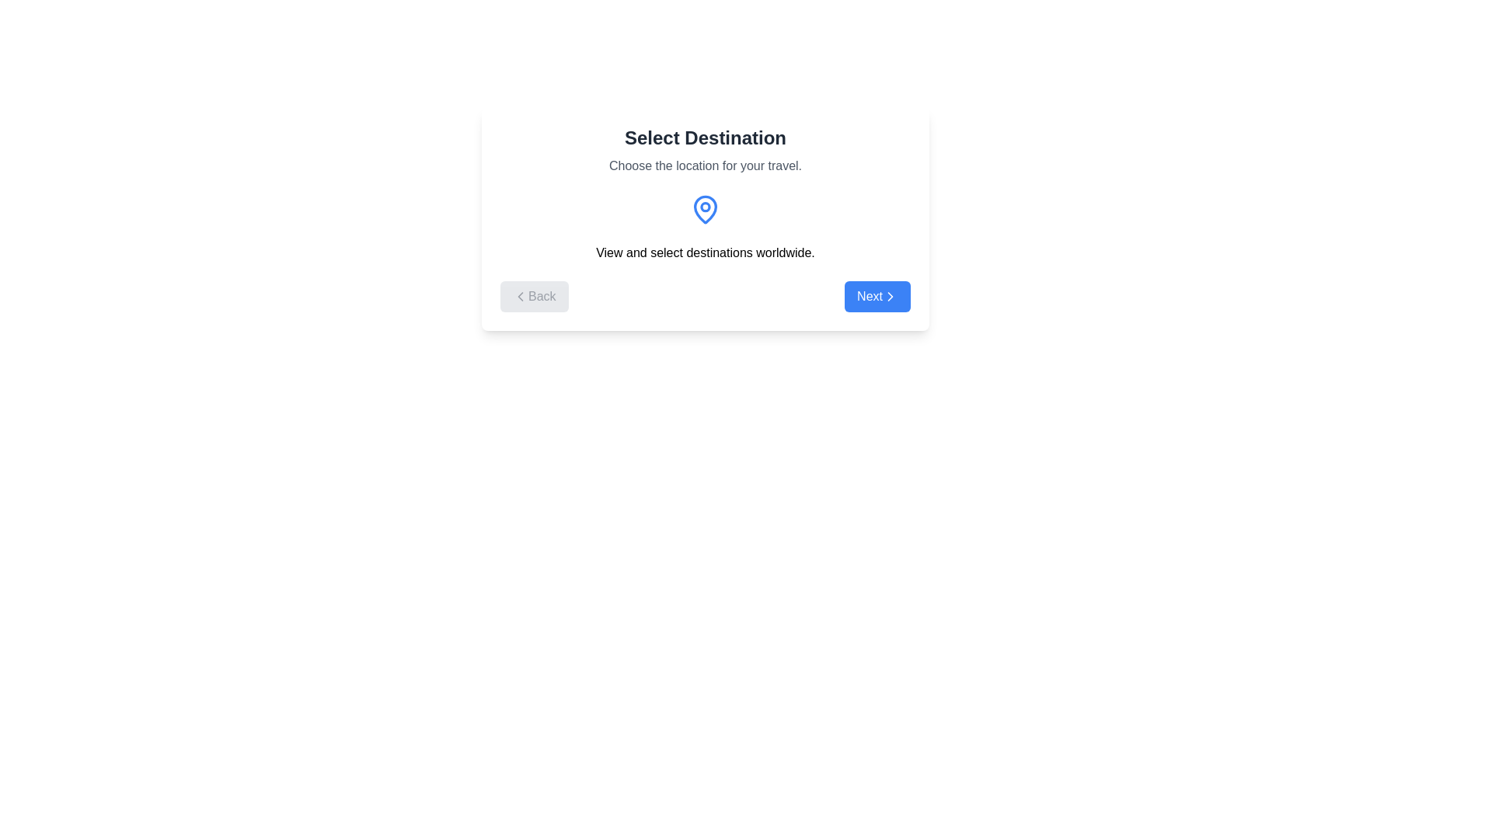 The width and height of the screenshot is (1492, 839). What do you see at coordinates (704, 210) in the screenshot?
I see `the blue map pin icon, which is centrally located below the 'Select Destination' text and above the description 'View and select destinations worldwide.'` at bounding box center [704, 210].